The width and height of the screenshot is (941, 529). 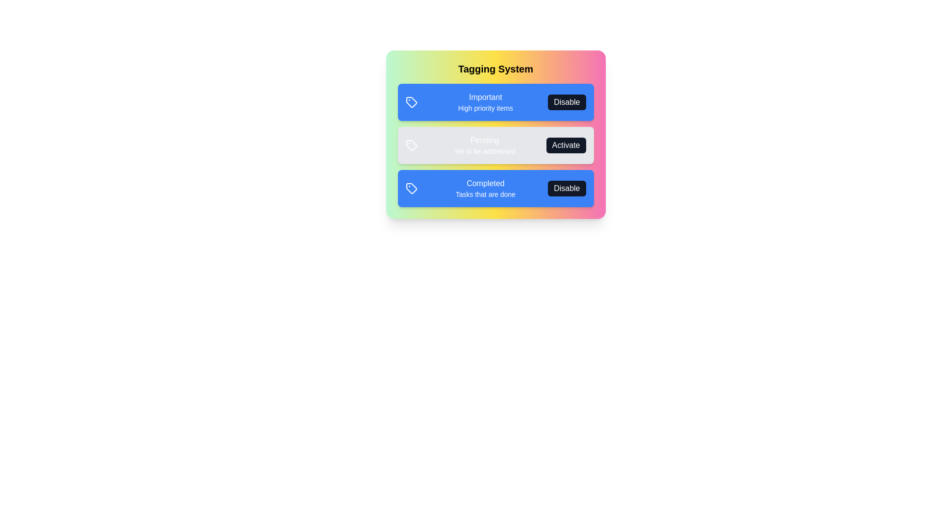 What do you see at coordinates (567, 102) in the screenshot?
I see `the 'Disable' button of the 'Important' tag to toggle its state` at bounding box center [567, 102].